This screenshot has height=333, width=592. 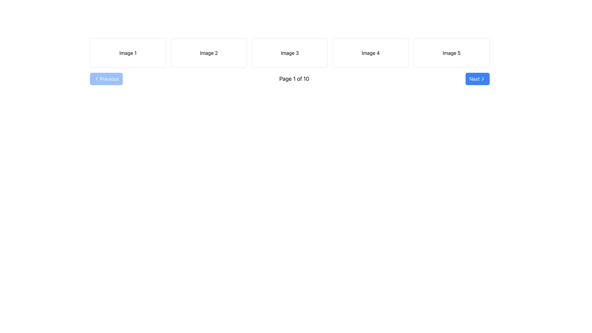 What do you see at coordinates (370, 53) in the screenshot?
I see `the static label or placeholder labeled 'Image 4', which is the fourth item in a horizontally-aligned list of five similar elements` at bounding box center [370, 53].